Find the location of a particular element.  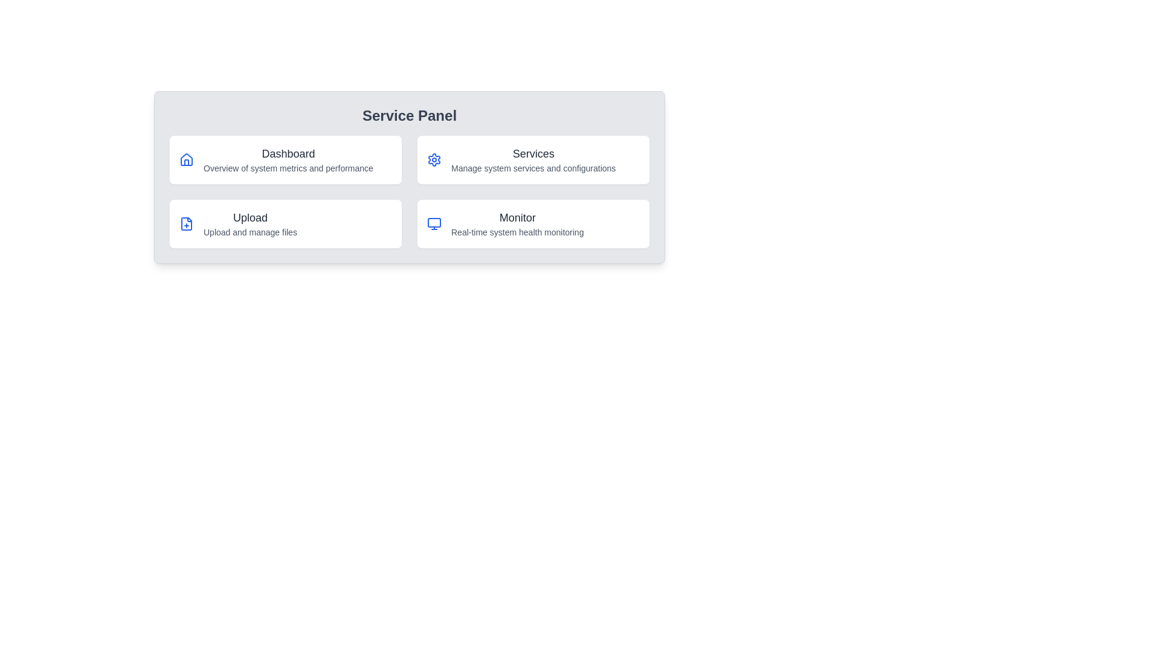

the 'Monitor' text label located in the lower-right corner of the interface's central area is located at coordinates (517, 218).